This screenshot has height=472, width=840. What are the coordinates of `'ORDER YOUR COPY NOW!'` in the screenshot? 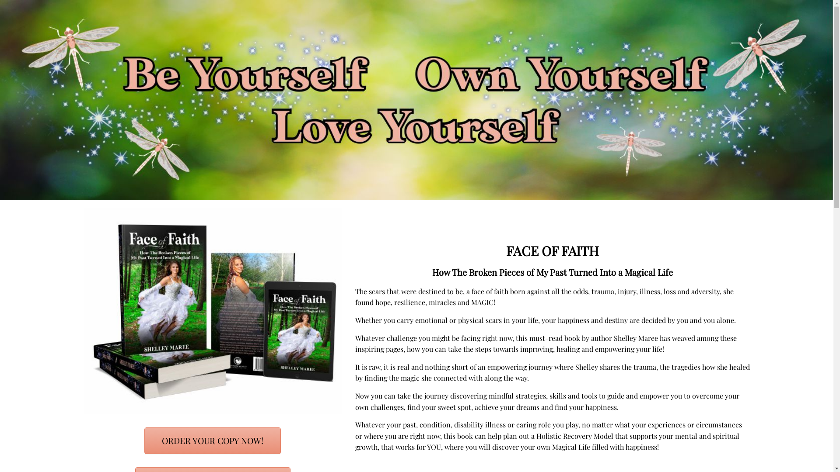 It's located at (212, 441).